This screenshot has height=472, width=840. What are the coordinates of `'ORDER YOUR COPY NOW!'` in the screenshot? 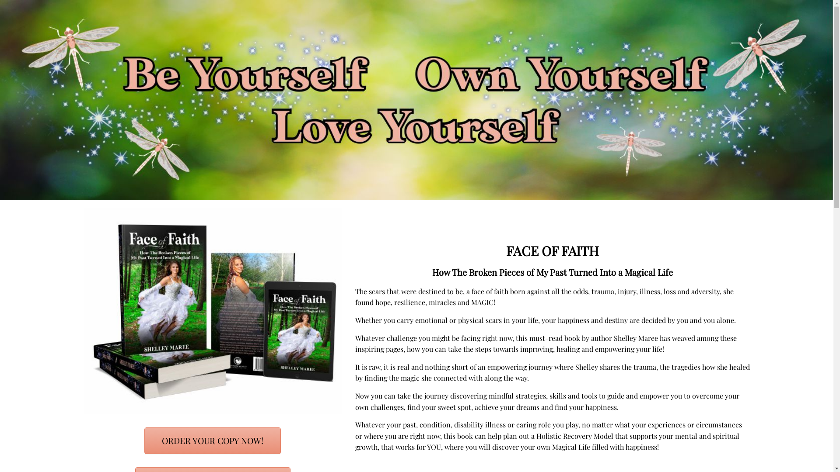 It's located at (212, 441).